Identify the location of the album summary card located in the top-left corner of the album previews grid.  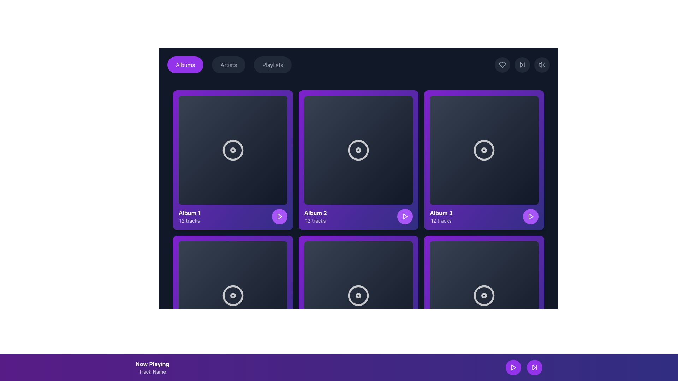
(233, 216).